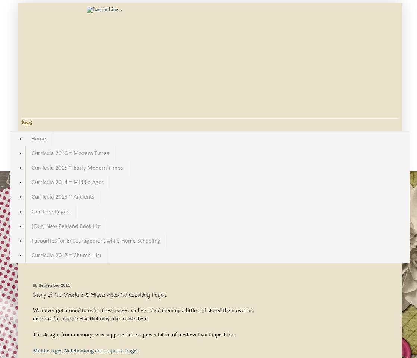 The image size is (417, 358). I want to click on 'We never got around to using these pages, so I've tidied them up a little and stored them over at dropbox for anyone else that may like to use them.', so click(32, 314).